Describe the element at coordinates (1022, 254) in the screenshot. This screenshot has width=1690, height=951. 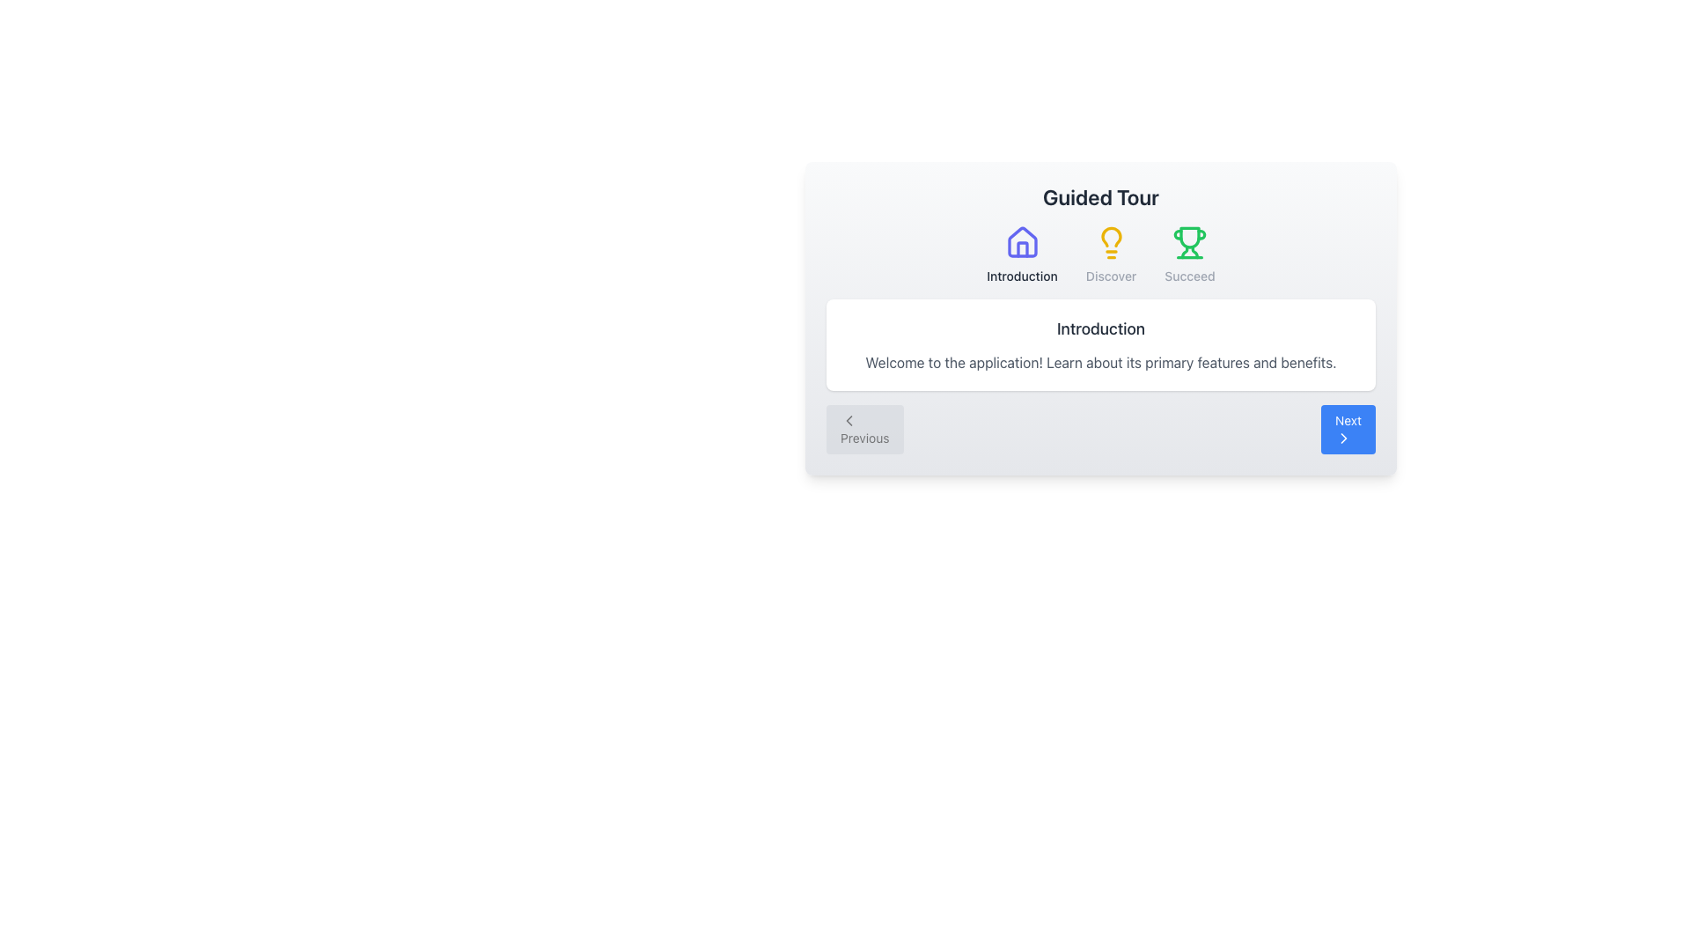
I see `the 'Introduction' navigation item, which features a blue house outline icon and black text below it` at that location.